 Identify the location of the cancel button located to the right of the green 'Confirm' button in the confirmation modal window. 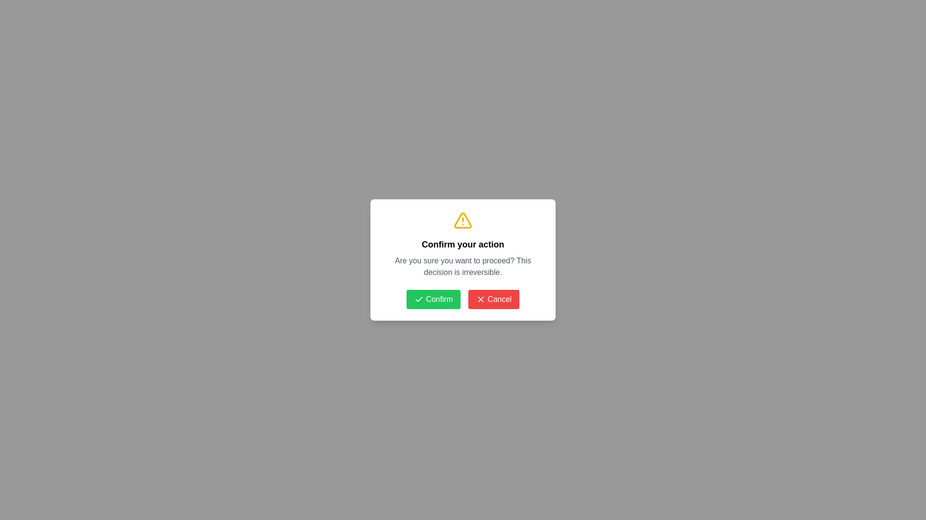
(493, 299).